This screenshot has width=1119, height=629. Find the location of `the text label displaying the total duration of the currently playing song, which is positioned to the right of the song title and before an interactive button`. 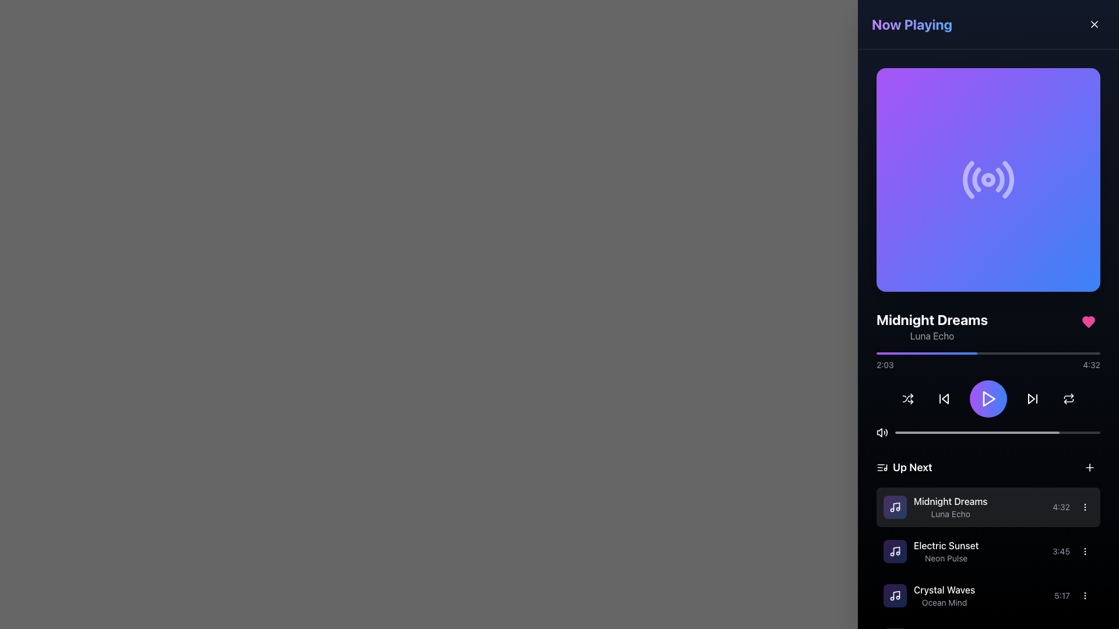

the text label displaying the total duration of the currently playing song, which is positioned to the right of the song title and before an interactive button is located at coordinates (1061, 507).